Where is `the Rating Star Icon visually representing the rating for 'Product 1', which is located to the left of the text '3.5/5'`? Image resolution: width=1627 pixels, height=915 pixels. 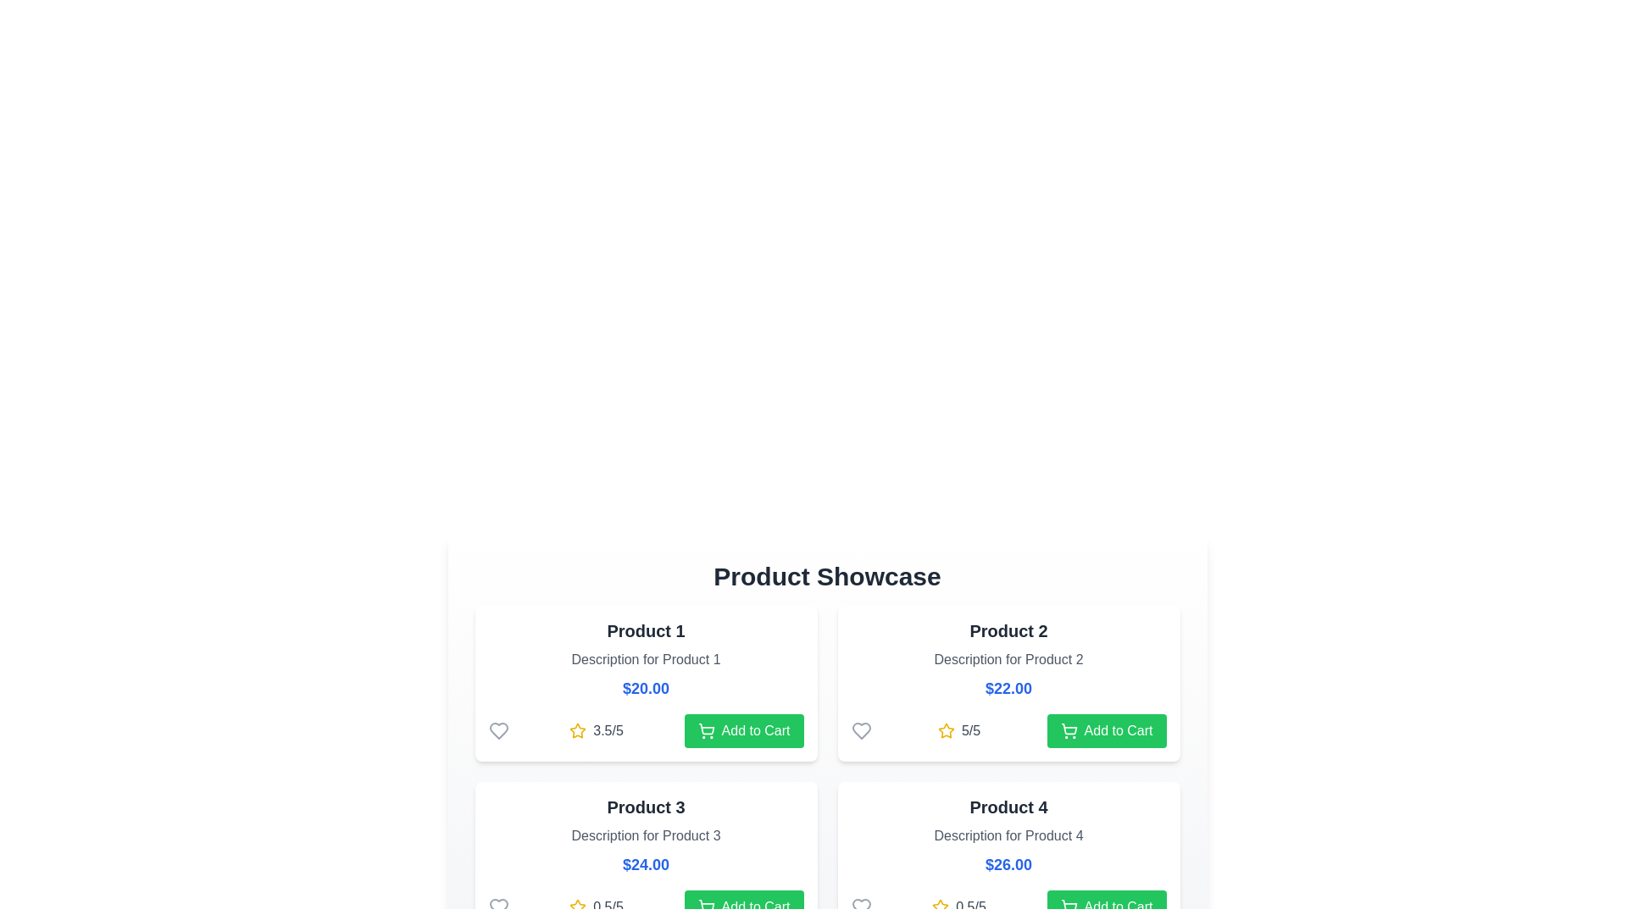 the Rating Star Icon visually representing the rating for 'Product 1', which is located to the left of the text '3.5/5' is located at coordinates (578, 730).